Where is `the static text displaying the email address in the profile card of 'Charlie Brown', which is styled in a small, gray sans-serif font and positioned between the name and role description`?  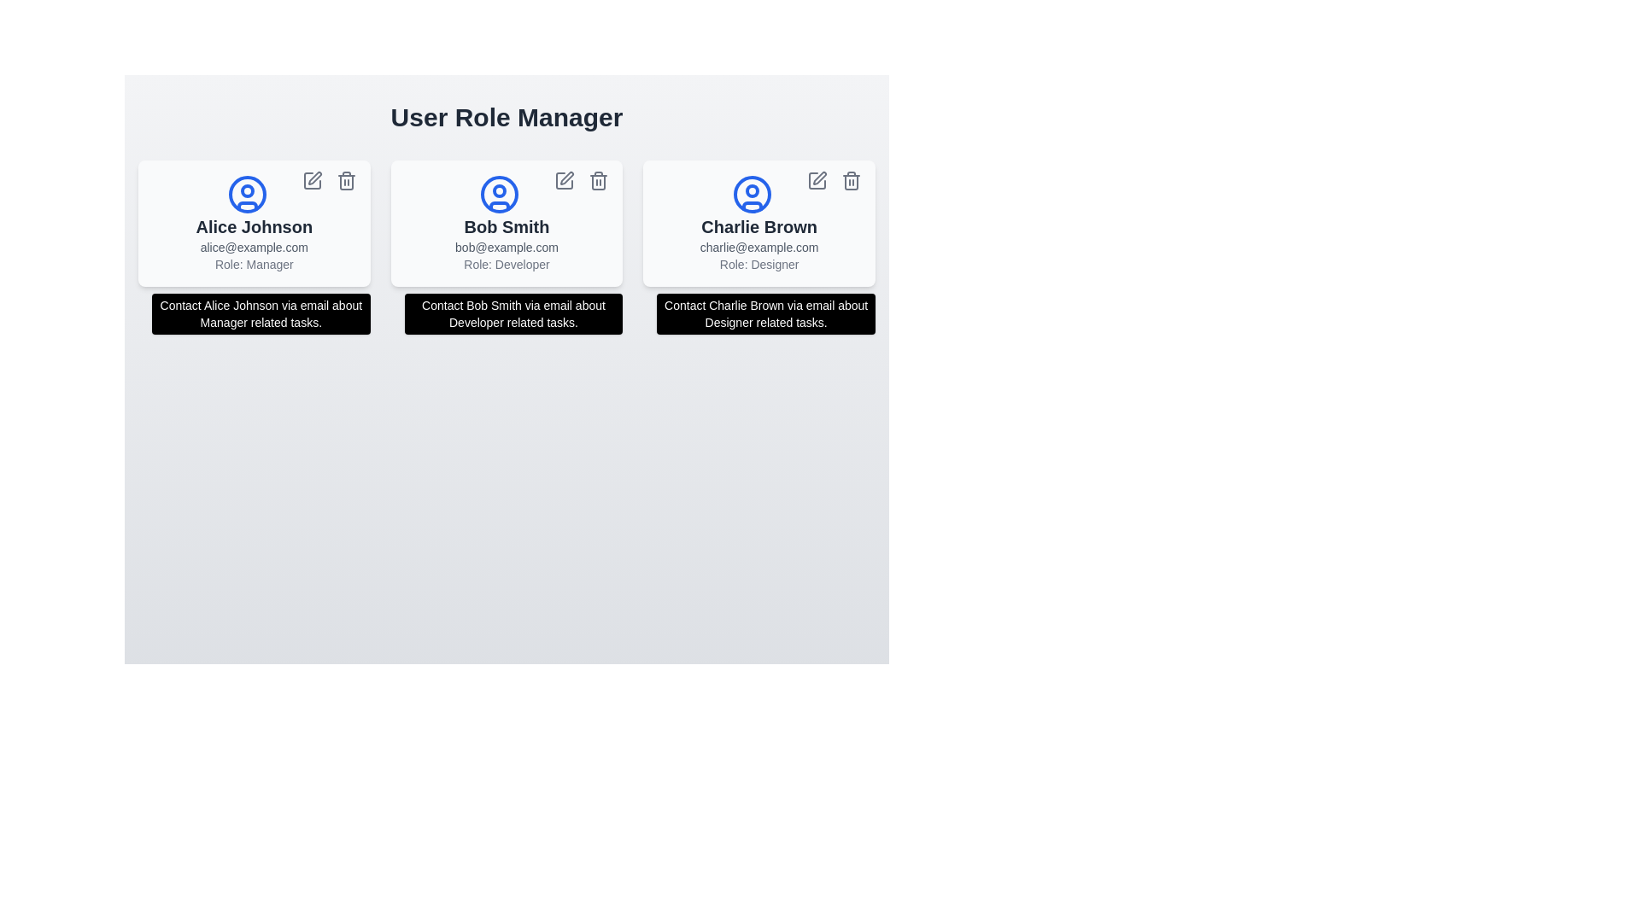
the static text displaying the email address in the profile card of 'Charlie Brown', which is styled in a small, gray sans-serif font and positioned between the name and role description is located at coordinates (758, 247).